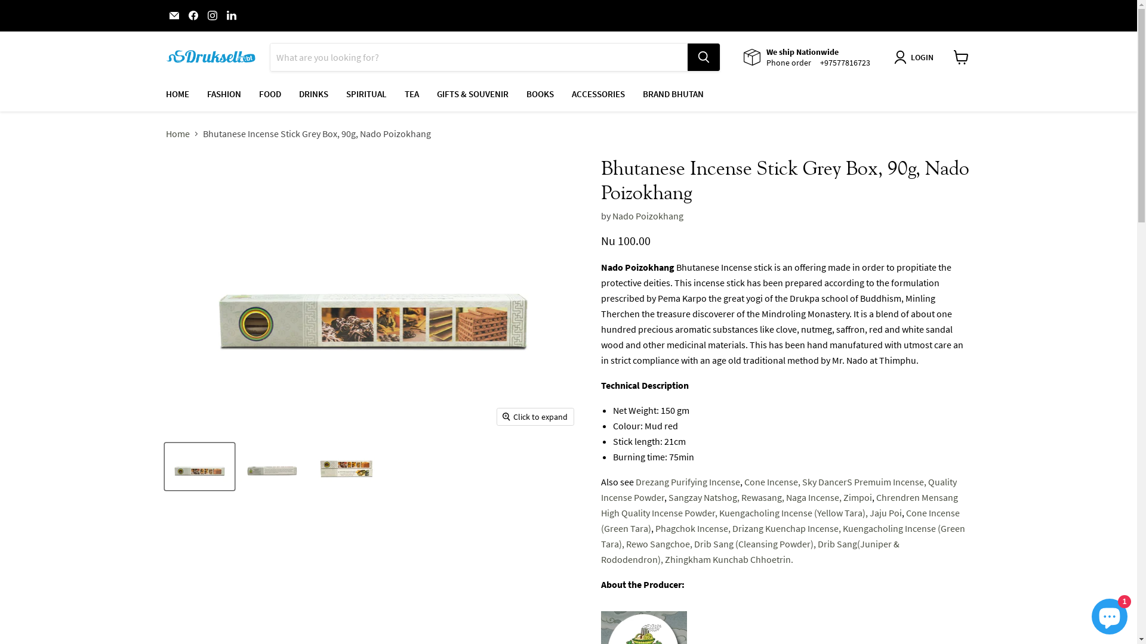 This screenshot has height=644, width=1146. Describe the element at coordinates (198, 94) in the screenshot. I see `'FASHION'` at that location.